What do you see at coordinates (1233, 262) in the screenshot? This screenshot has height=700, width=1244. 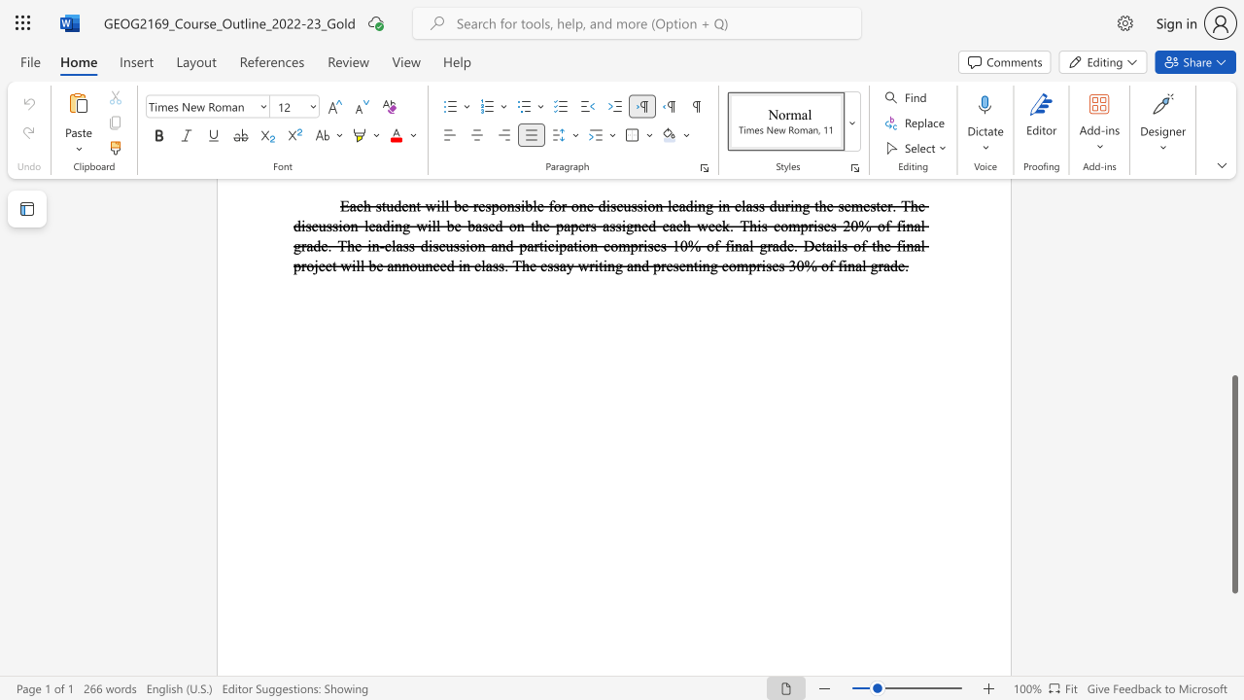 I see `the scrollbar to move the page upward` at bounding box center [1233, 262].